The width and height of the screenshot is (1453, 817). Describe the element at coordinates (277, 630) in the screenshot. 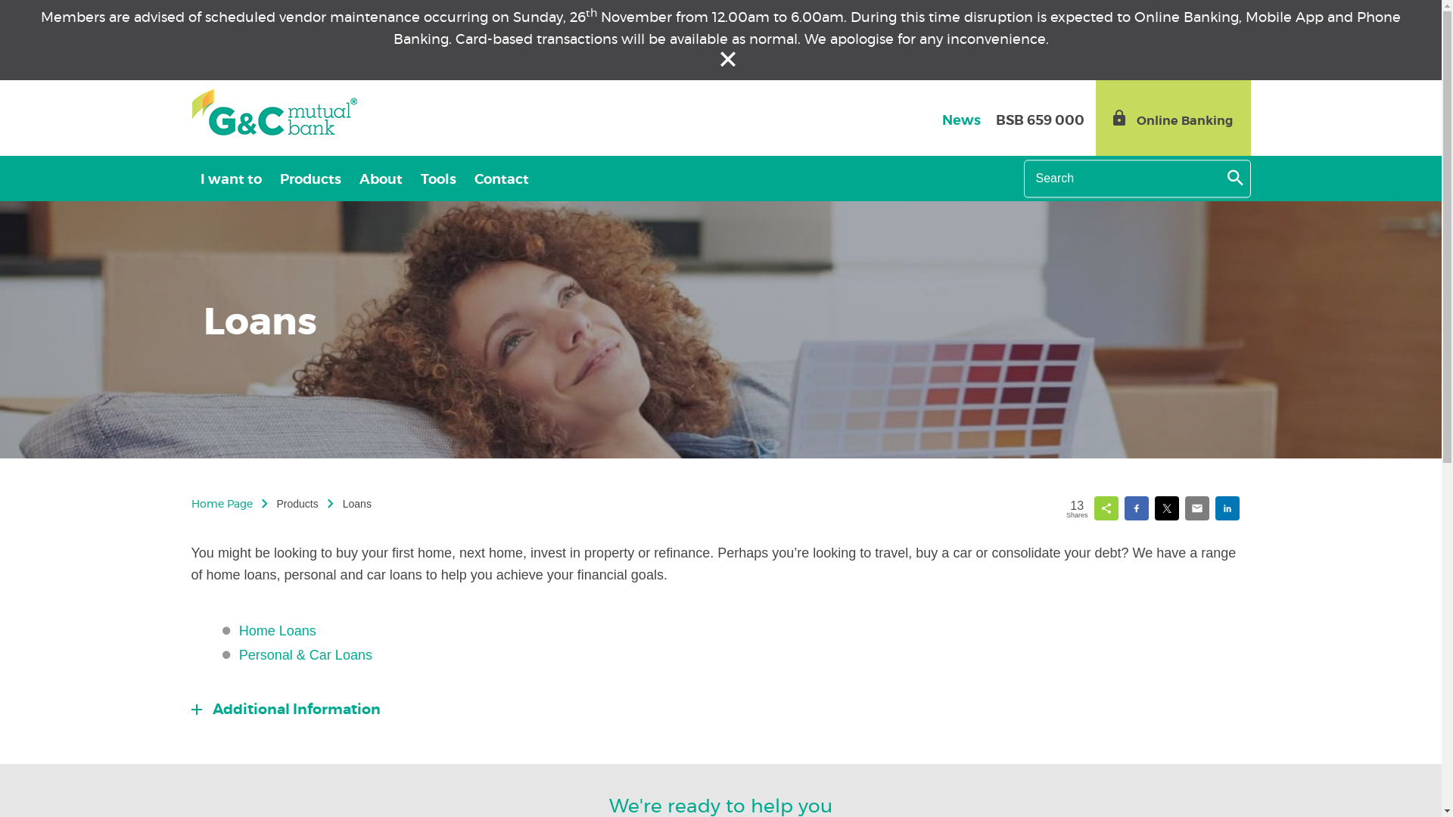

I see `'Home Loans'` at that location.